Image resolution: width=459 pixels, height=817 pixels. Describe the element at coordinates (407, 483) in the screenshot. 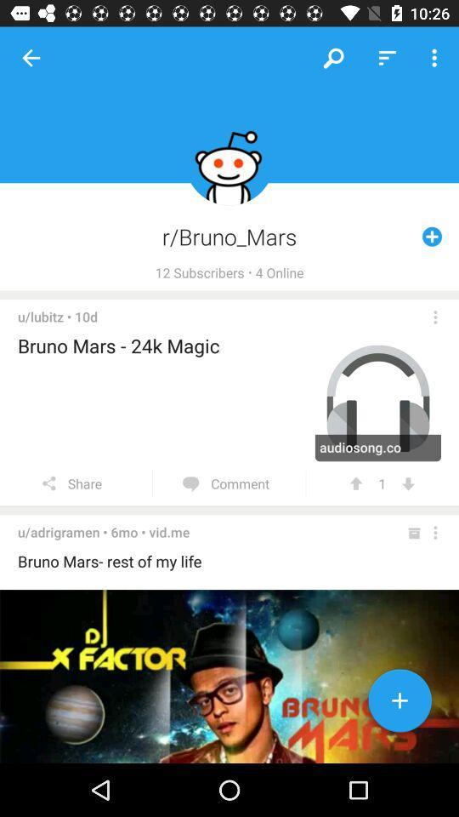

I see `downvote` at that location.